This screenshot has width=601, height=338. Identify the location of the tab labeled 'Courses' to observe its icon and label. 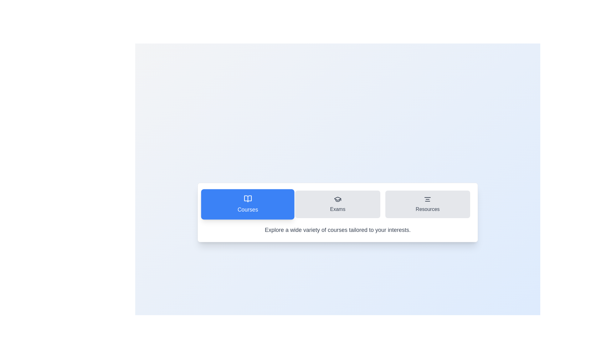
(247, 204).